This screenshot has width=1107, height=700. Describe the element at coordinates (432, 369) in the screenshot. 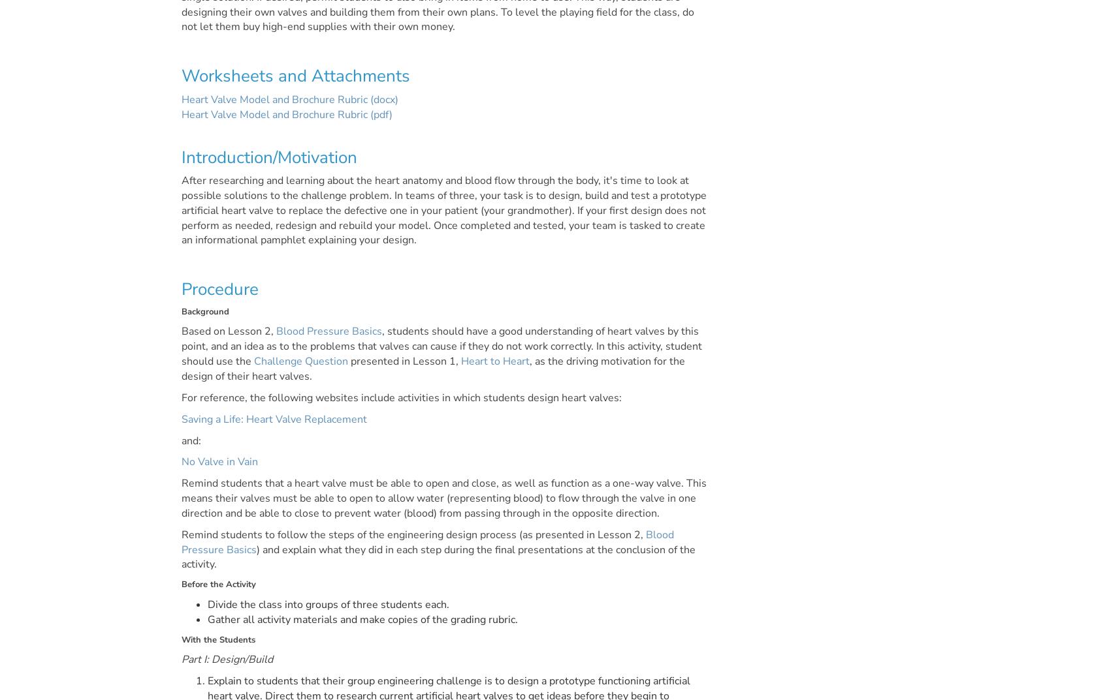

I see `', as the driving motivation for the design of their heart valves.'` at that location.